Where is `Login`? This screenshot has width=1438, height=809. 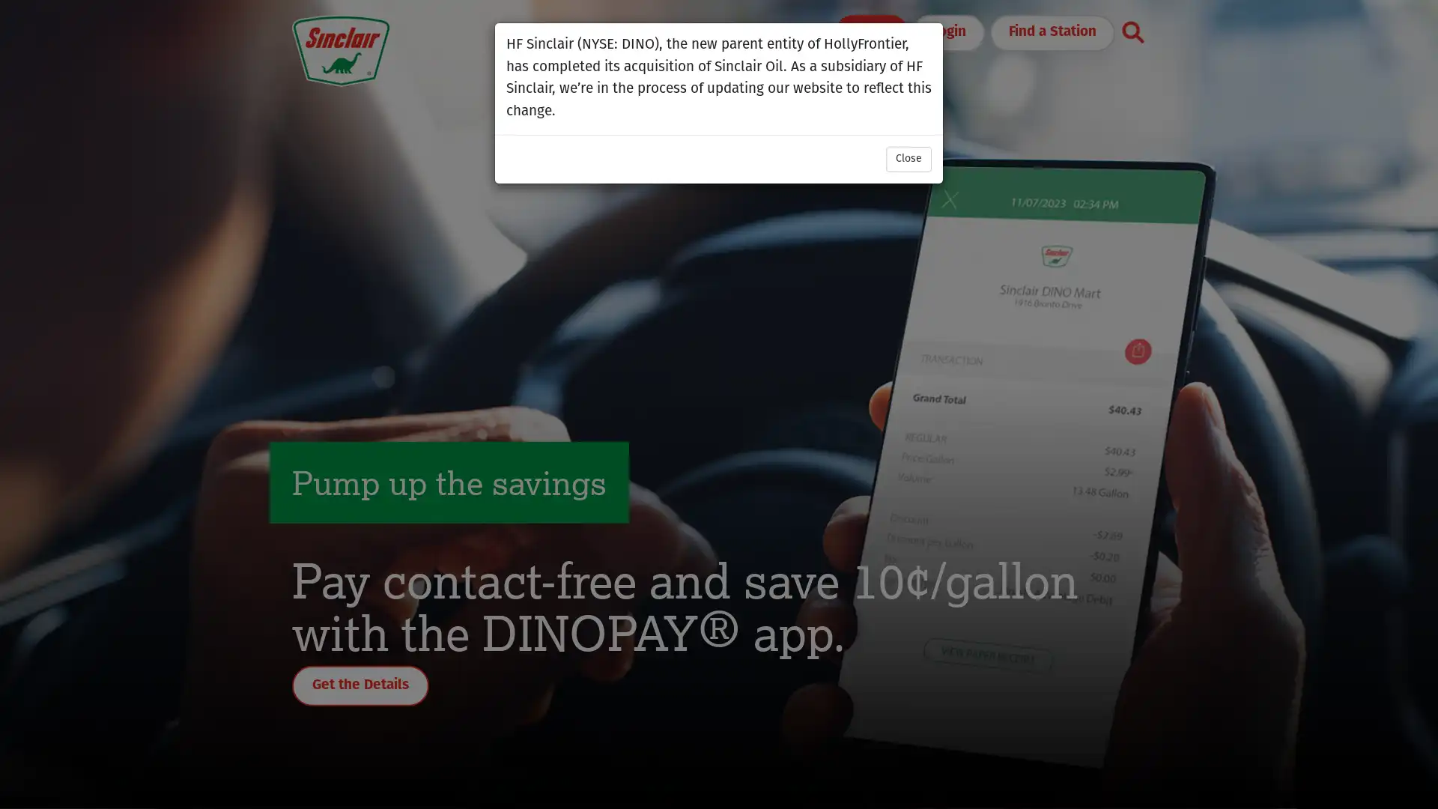
Login is located at coordinates (947, 32).